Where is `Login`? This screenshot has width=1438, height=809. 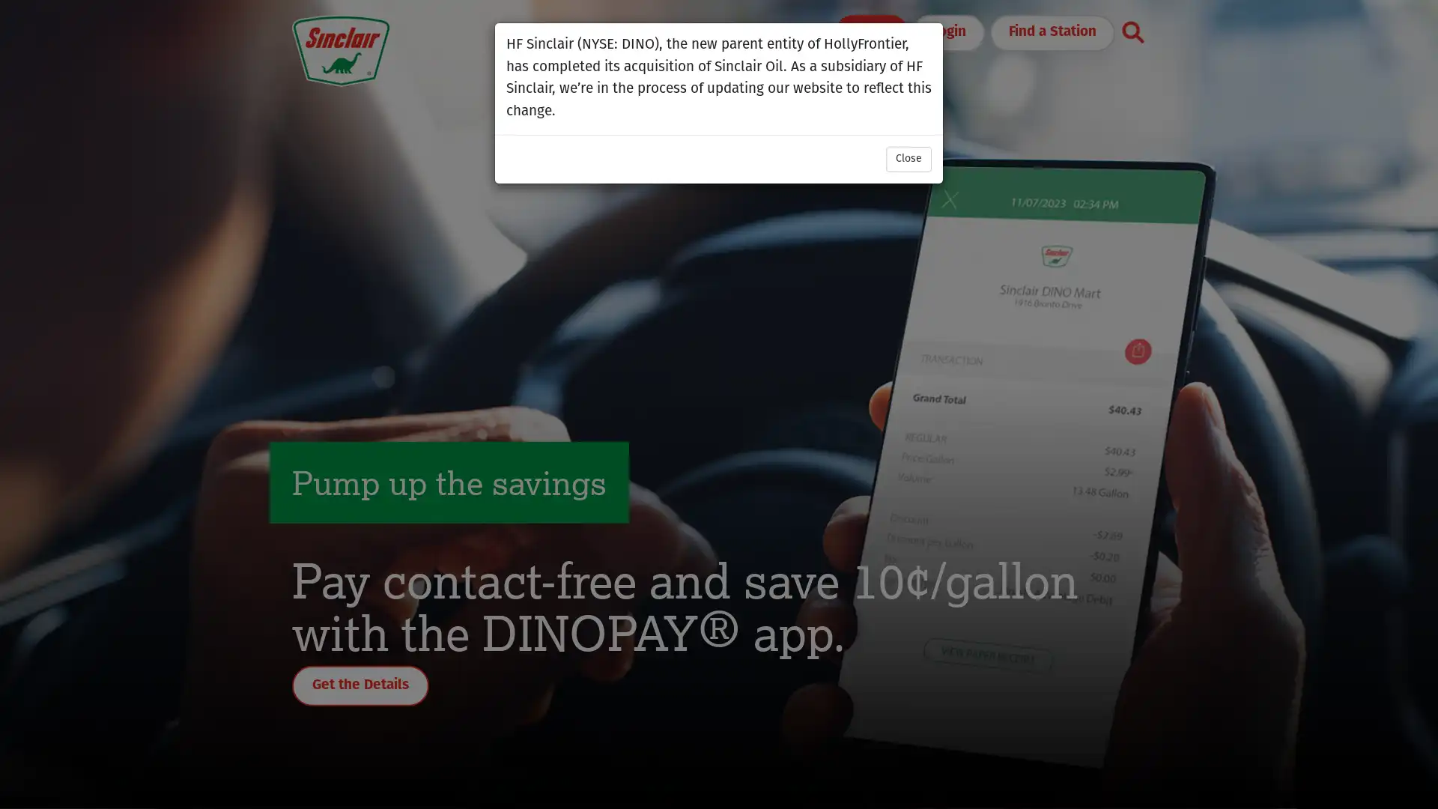
Login is located at coordinates (947, 32).